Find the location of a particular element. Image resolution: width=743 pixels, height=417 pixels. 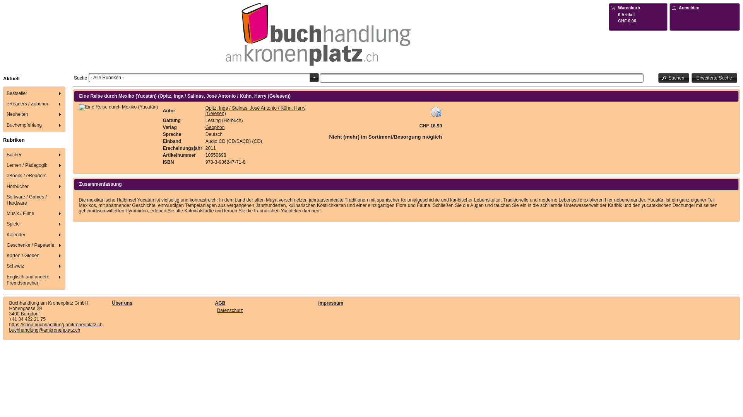

'Suchen' is located at coordinates (657, 78).